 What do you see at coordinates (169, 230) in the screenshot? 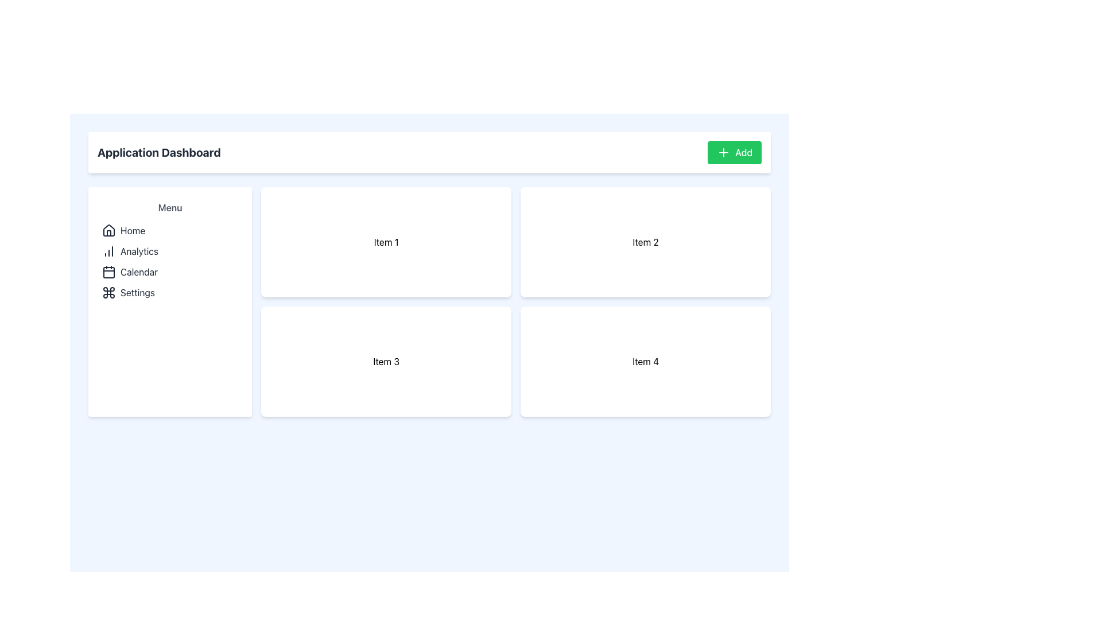
I see `the 'Home' button located in the vertical menu titled 'Menu' in the left sidebar of the interface` at bounding box center [169, 230].